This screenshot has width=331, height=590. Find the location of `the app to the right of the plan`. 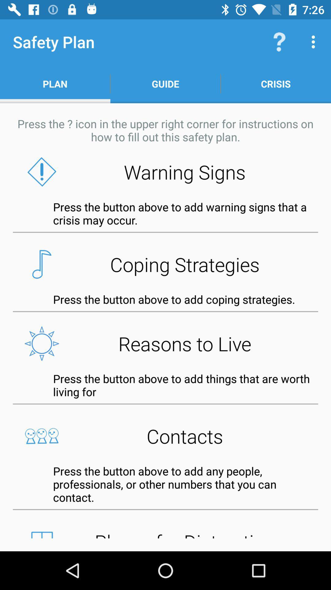

the app to the right of the plan is located at coordinates (165, 84).